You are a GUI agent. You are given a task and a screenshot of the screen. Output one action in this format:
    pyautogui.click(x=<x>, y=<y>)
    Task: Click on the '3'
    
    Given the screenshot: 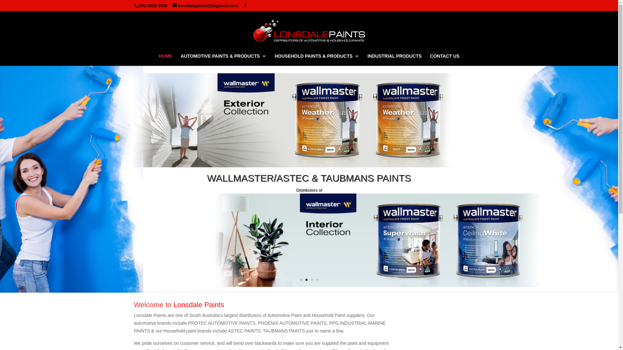 What is the action you would take?
    pyautogui.click(x=311, y=279)
    